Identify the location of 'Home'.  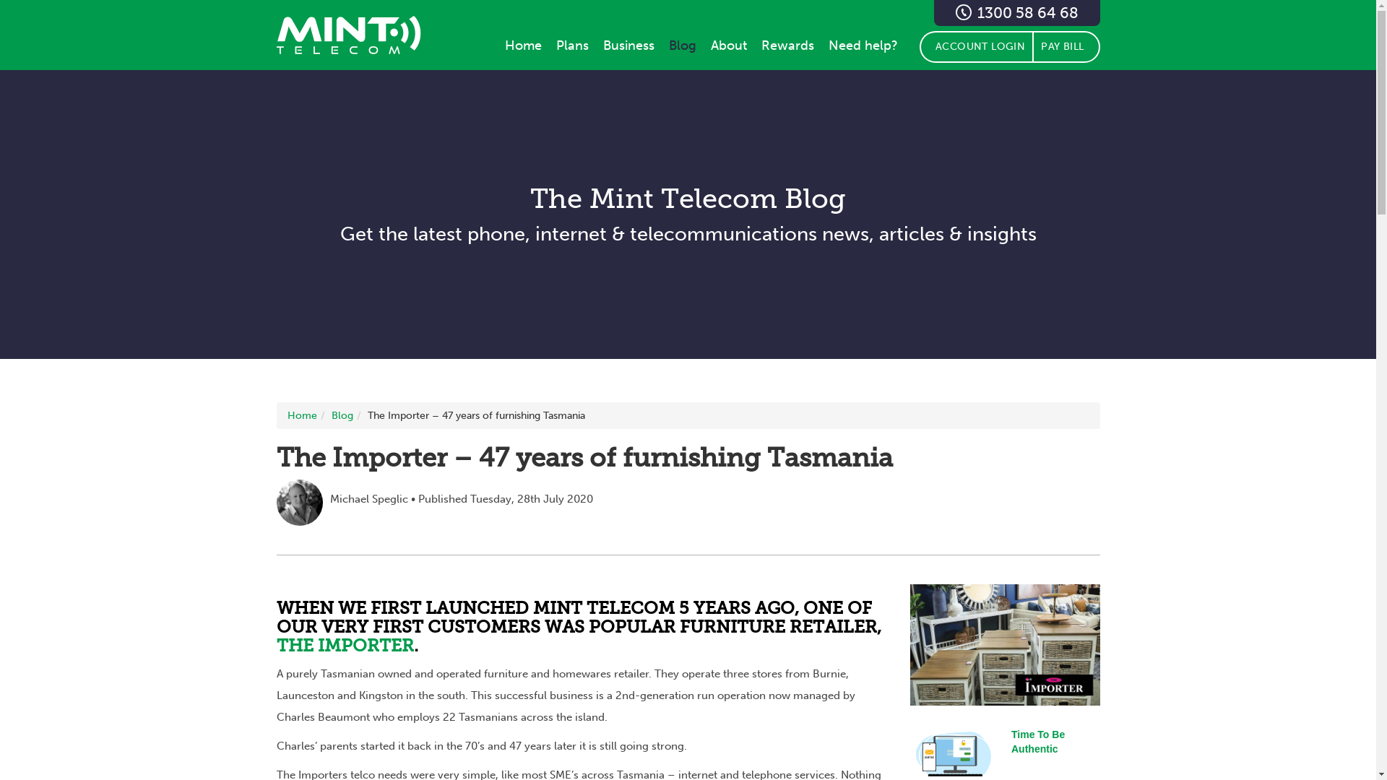
(522, 44).